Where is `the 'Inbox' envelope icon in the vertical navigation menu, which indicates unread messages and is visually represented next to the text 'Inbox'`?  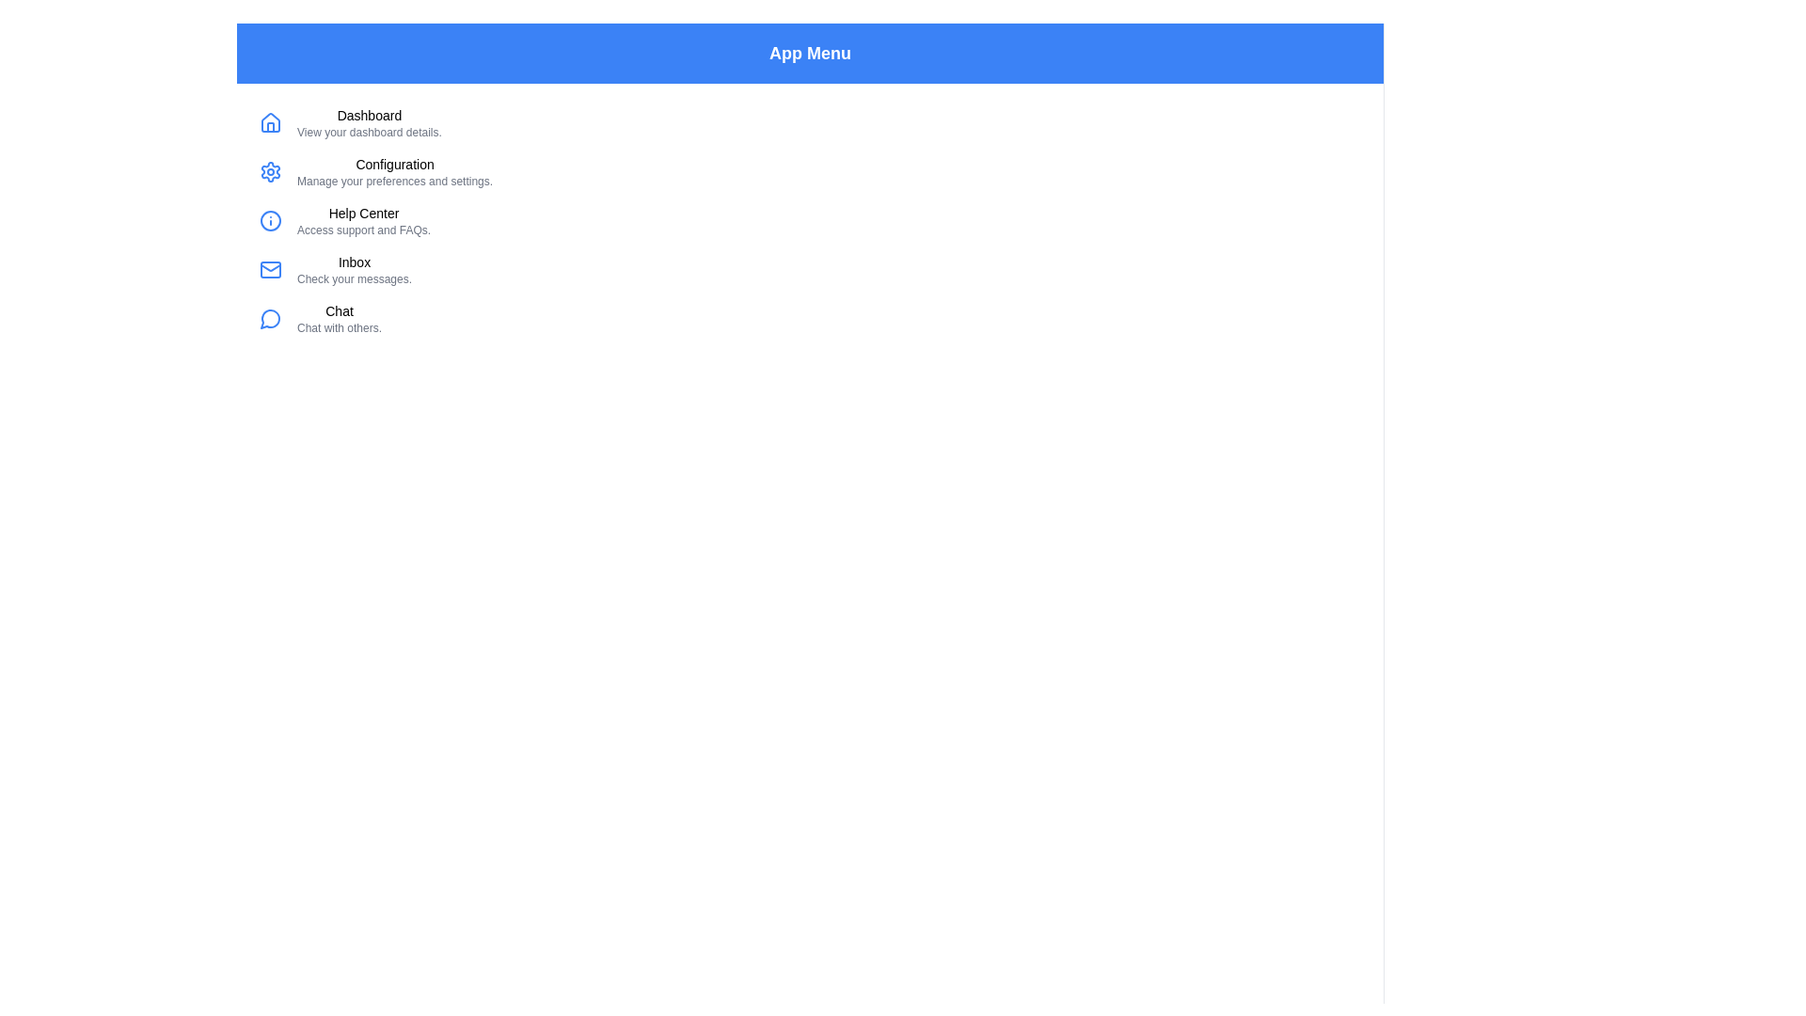
the 'Inbox' envelope icon in the vertical navigation menu, which indicates unread messages and is visually represented next to the text 'Inbox' is located at coordinates (270, 269).